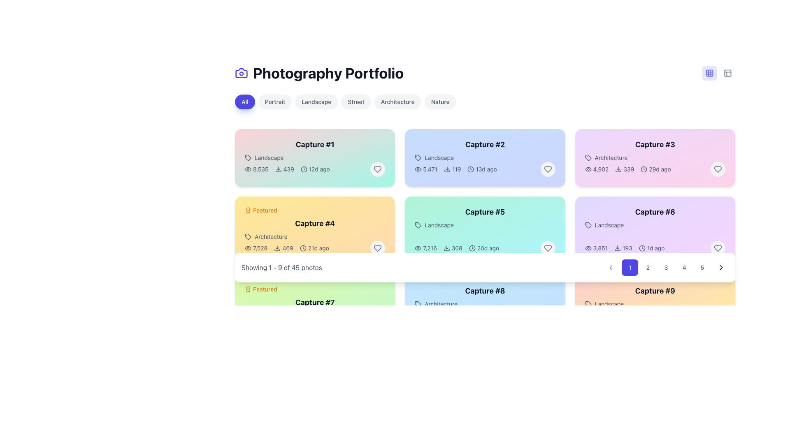 This screenshot has width=790, height=444. I want to click on the heart icon located in the top-right corner of the third card labeled 'Capture #3' to mark it as a favorite, so click(718, 169).